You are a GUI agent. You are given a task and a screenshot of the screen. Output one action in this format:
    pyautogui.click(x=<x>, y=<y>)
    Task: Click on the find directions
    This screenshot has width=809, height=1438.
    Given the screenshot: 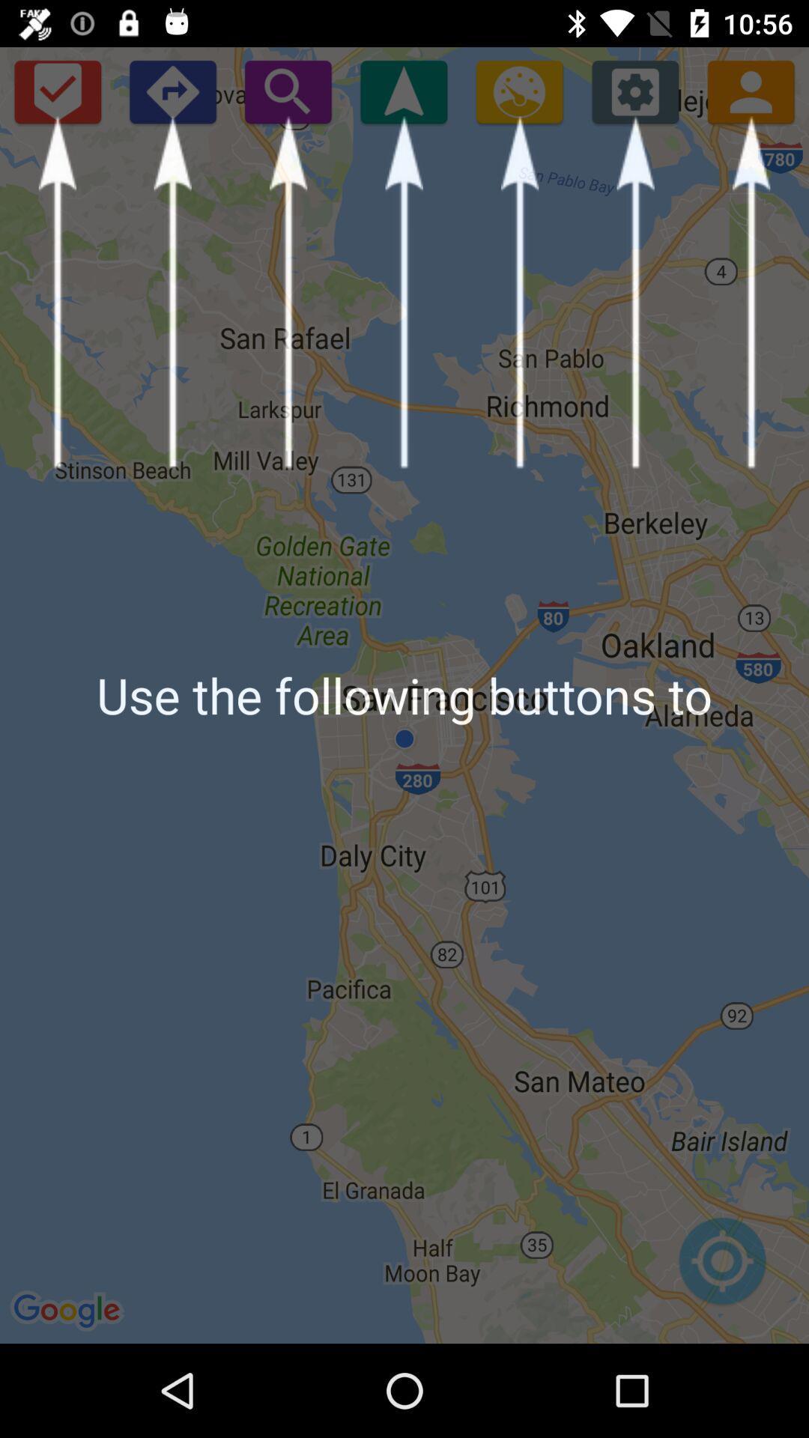 What is the action you would take?
    pyautogui.click(x=172, y=91)
    